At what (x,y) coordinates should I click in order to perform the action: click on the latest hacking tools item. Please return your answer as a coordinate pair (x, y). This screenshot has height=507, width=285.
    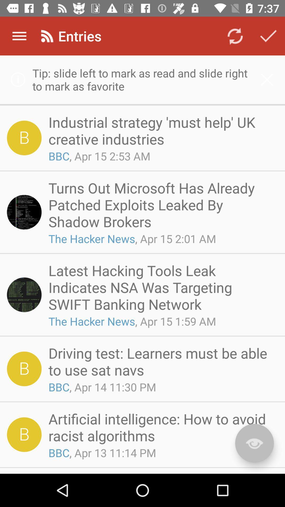
    Looking at the image, I should click on (161, 287).